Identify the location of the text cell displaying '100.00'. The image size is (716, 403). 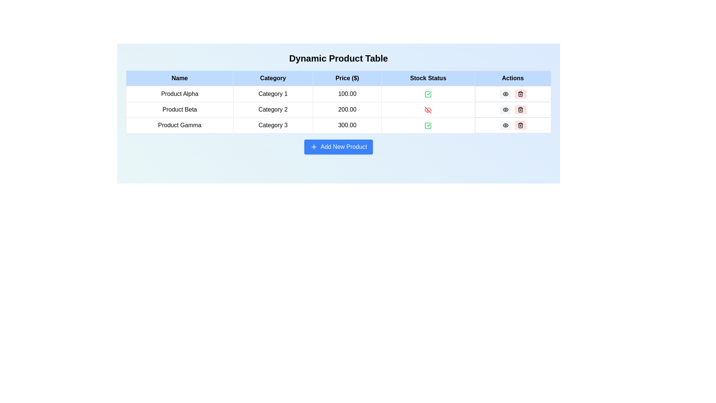
(347, 93).